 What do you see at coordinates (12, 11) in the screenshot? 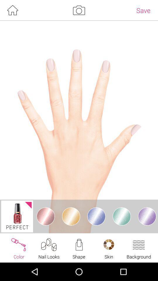
I see `the home icon` at bounding box center [12, 11].